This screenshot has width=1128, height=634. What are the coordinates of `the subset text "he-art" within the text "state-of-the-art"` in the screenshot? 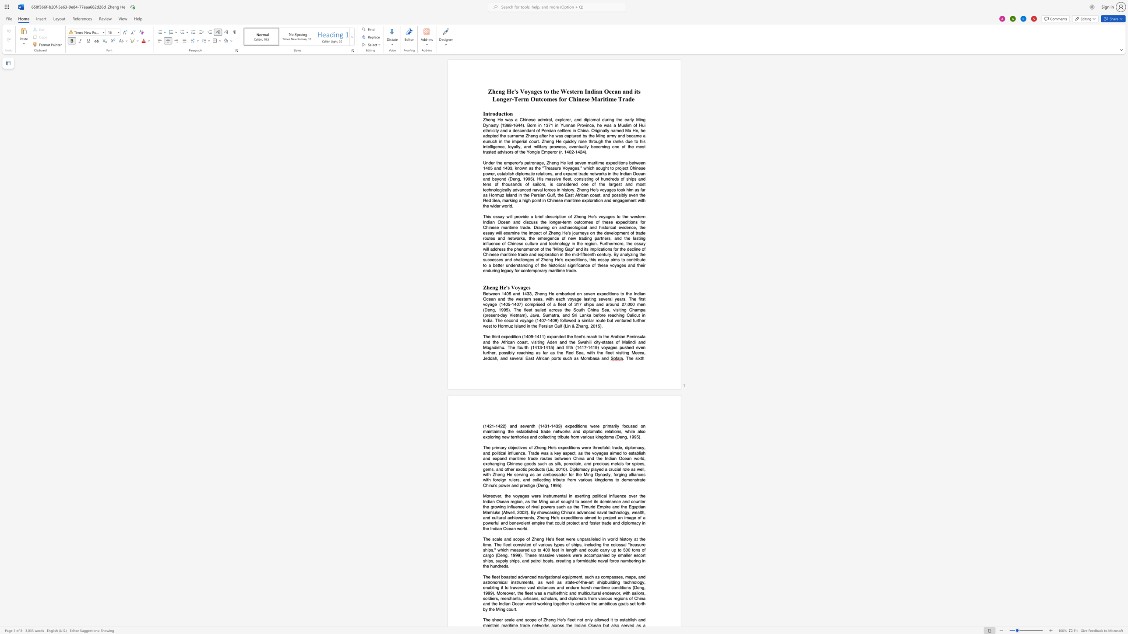 It's located at (582, 581).